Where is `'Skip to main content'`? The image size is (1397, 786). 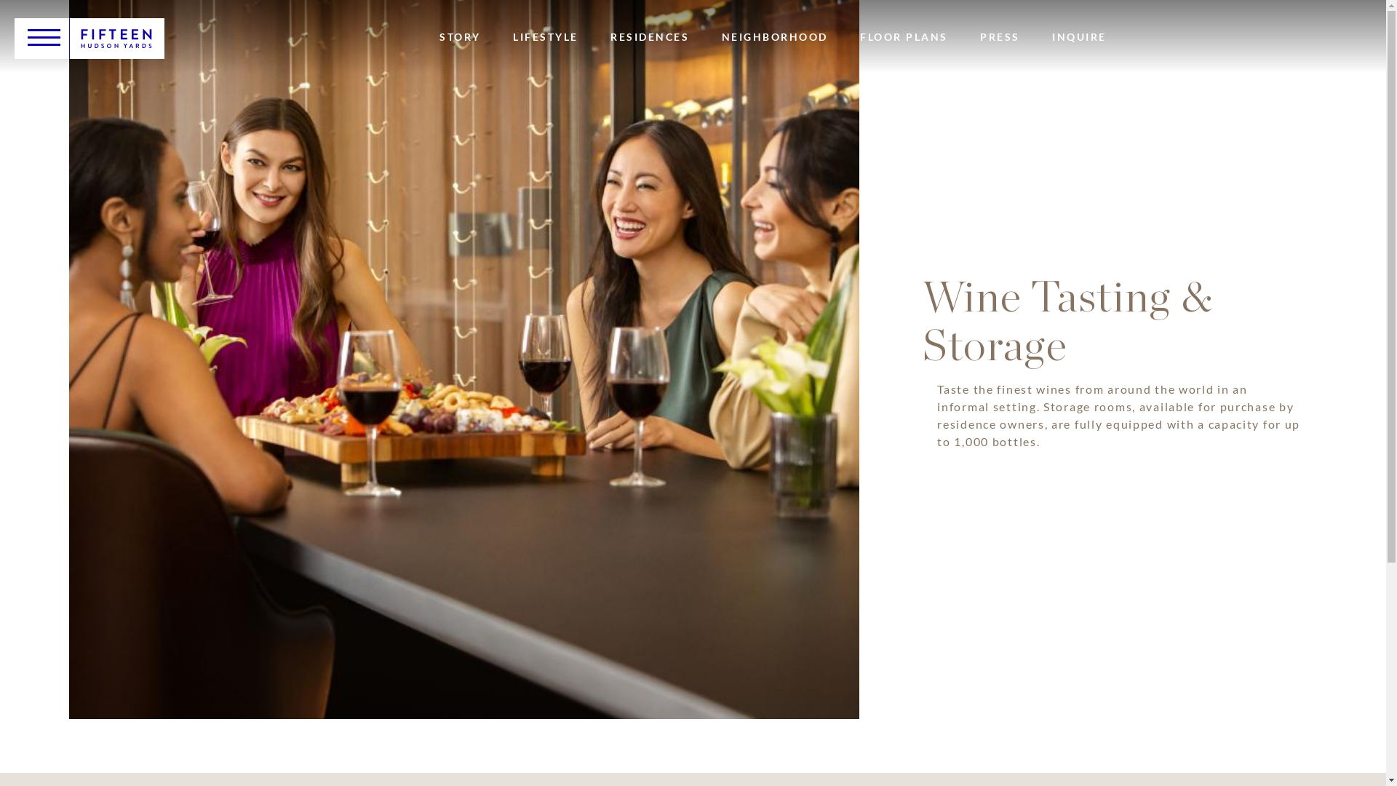
'Skip to main content' is located at coordinates (0, 0).